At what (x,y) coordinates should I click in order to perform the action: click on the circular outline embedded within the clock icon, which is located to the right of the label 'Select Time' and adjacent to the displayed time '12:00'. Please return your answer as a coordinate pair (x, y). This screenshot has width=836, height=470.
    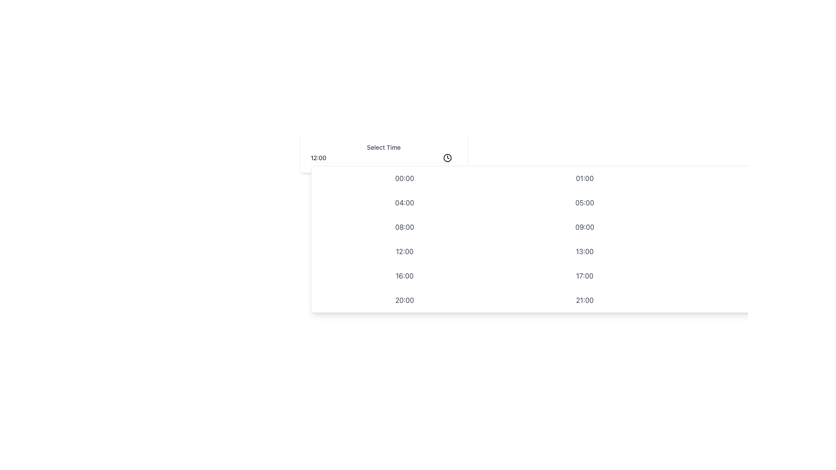
    Looking at the image, I should click on (447, 158).